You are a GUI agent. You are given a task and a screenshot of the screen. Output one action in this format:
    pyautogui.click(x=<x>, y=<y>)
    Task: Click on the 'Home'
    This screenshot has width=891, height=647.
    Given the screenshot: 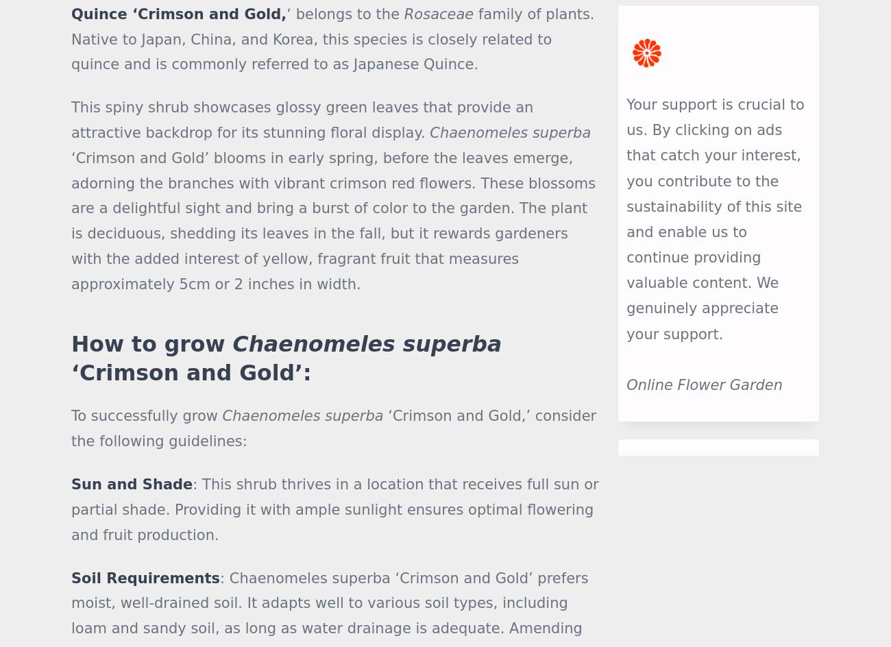 What is the action you would take?
    pyautogui.click(x=325, y=468)
    